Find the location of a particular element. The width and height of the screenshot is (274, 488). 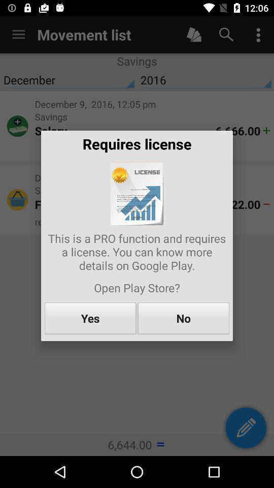

the no item is located at coordinates (183, 318).